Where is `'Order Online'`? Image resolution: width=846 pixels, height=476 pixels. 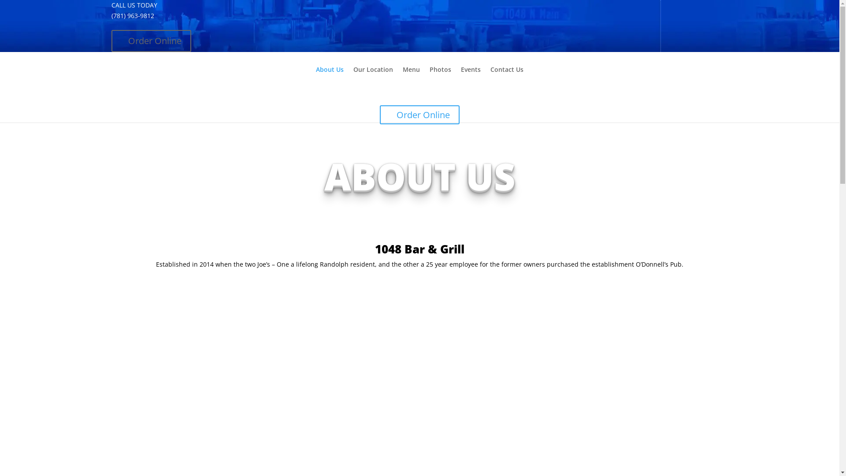
'Order Online' is located at coordinates (419, 114).